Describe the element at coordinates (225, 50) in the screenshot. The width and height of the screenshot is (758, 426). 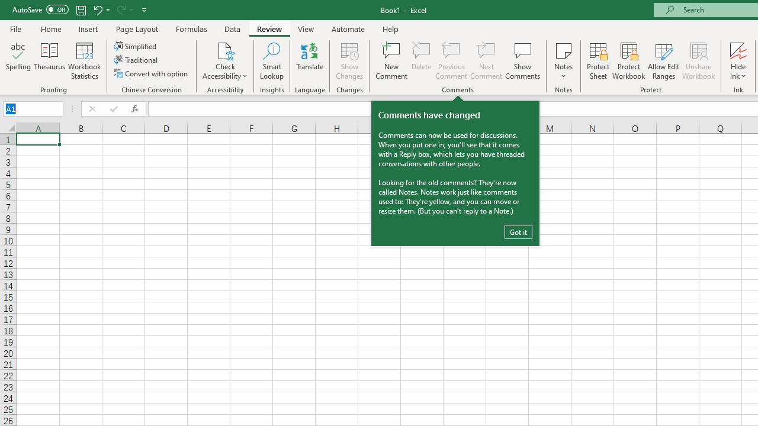
I see `'Check Accessibility'` at that location.